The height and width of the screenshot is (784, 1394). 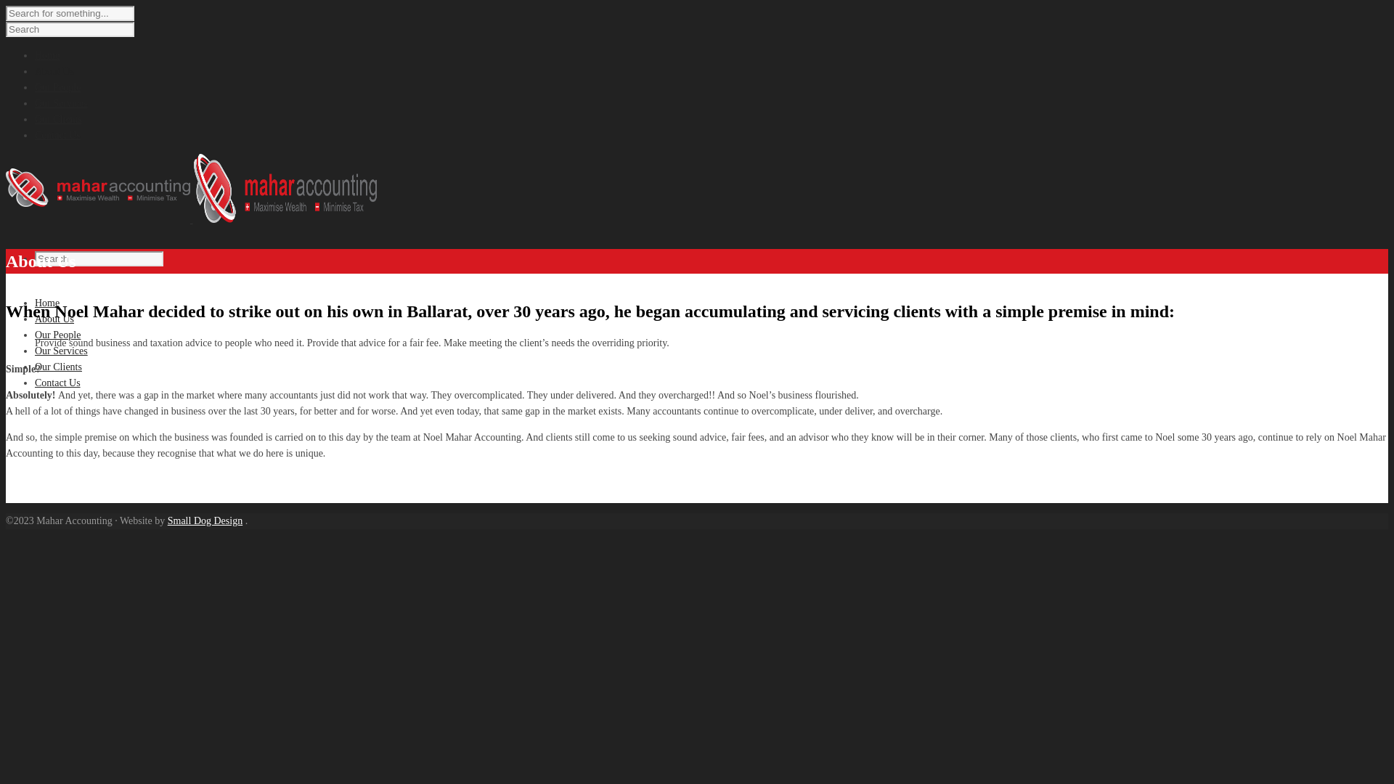 What do you see at coordinates (60, 351) in the screenshot?
I see `'Our Services'` at bounding box center [60, 351].